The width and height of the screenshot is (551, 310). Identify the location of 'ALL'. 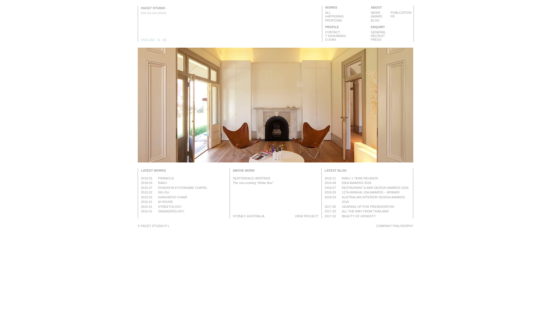
(346, 13).